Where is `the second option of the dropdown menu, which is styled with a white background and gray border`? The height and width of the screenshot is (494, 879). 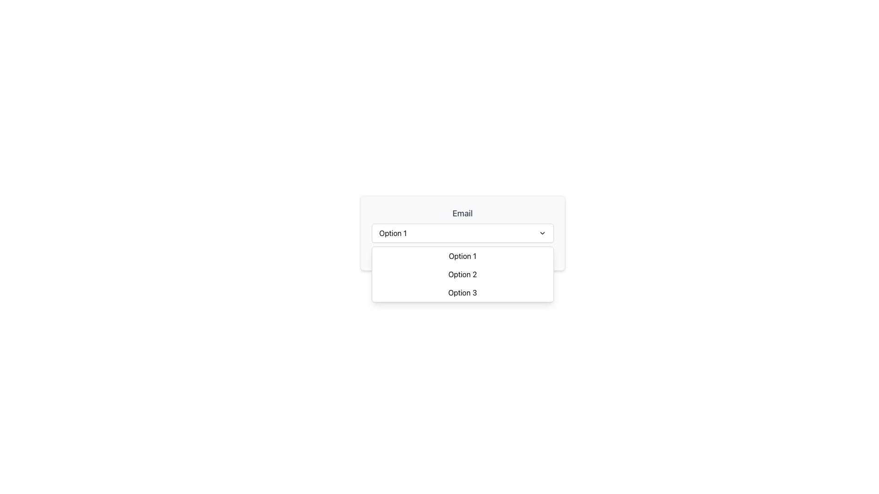
the second option of the dropdown menu, which is styled with a white background and gray border is located at coordinates (462, 274).